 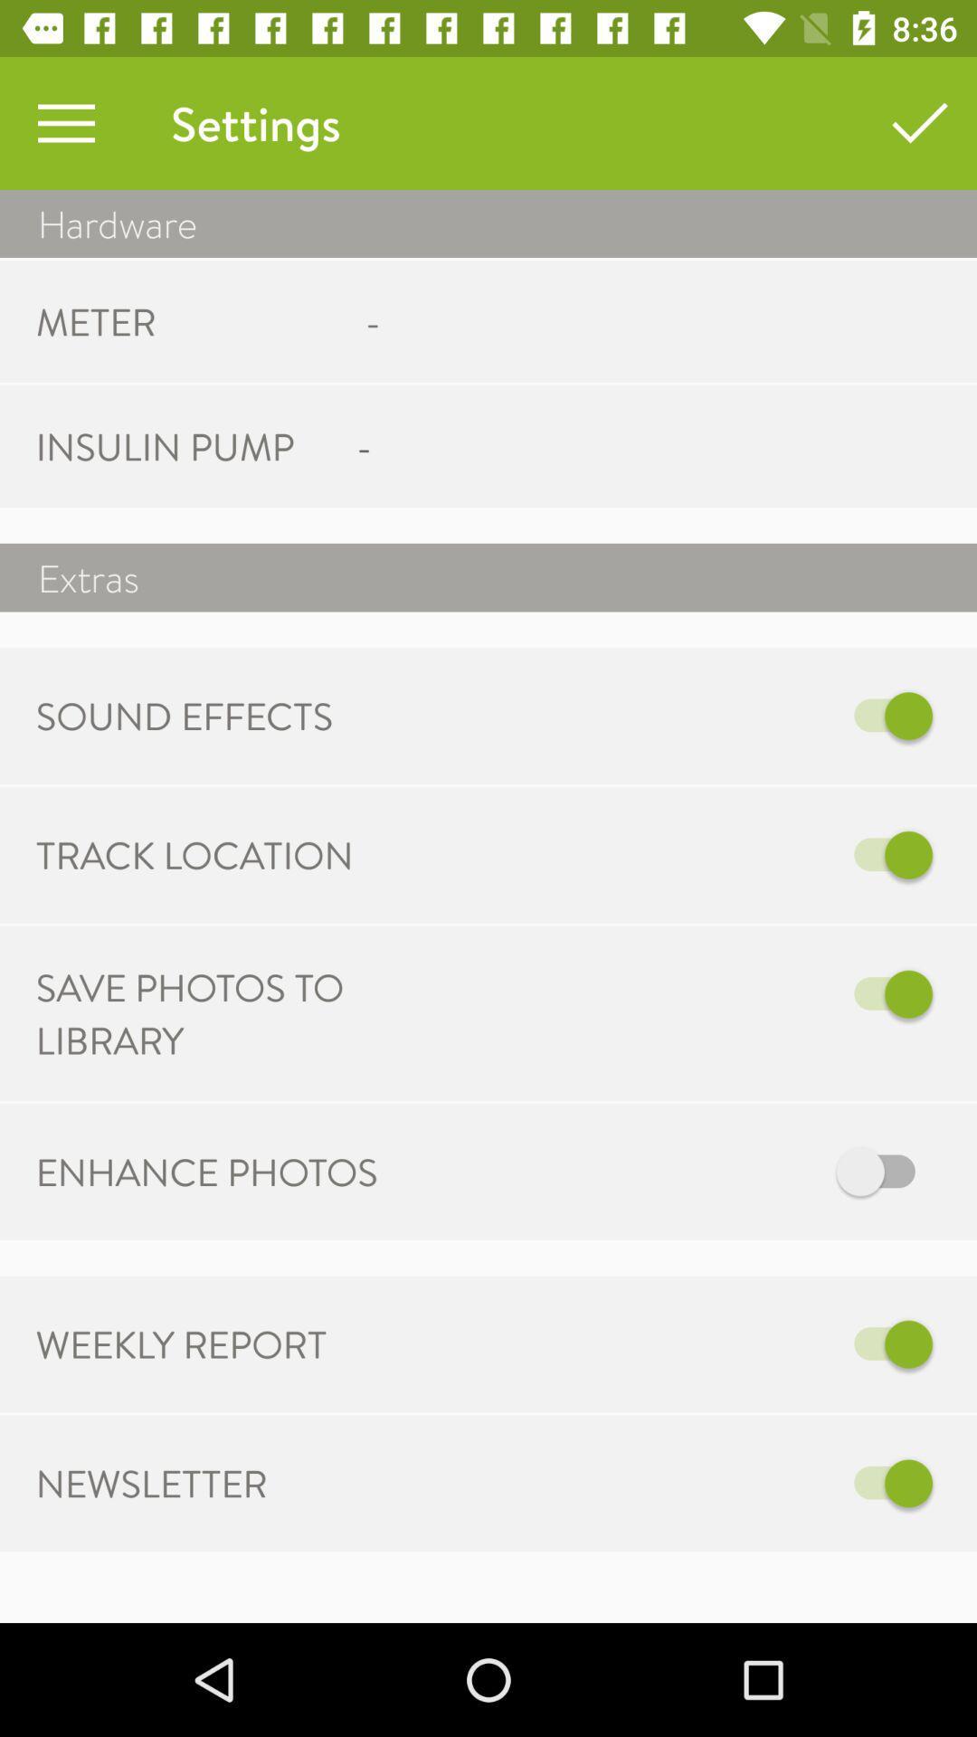 I want to click on the icon next to newsletter item, so click(x=676, y=1483).